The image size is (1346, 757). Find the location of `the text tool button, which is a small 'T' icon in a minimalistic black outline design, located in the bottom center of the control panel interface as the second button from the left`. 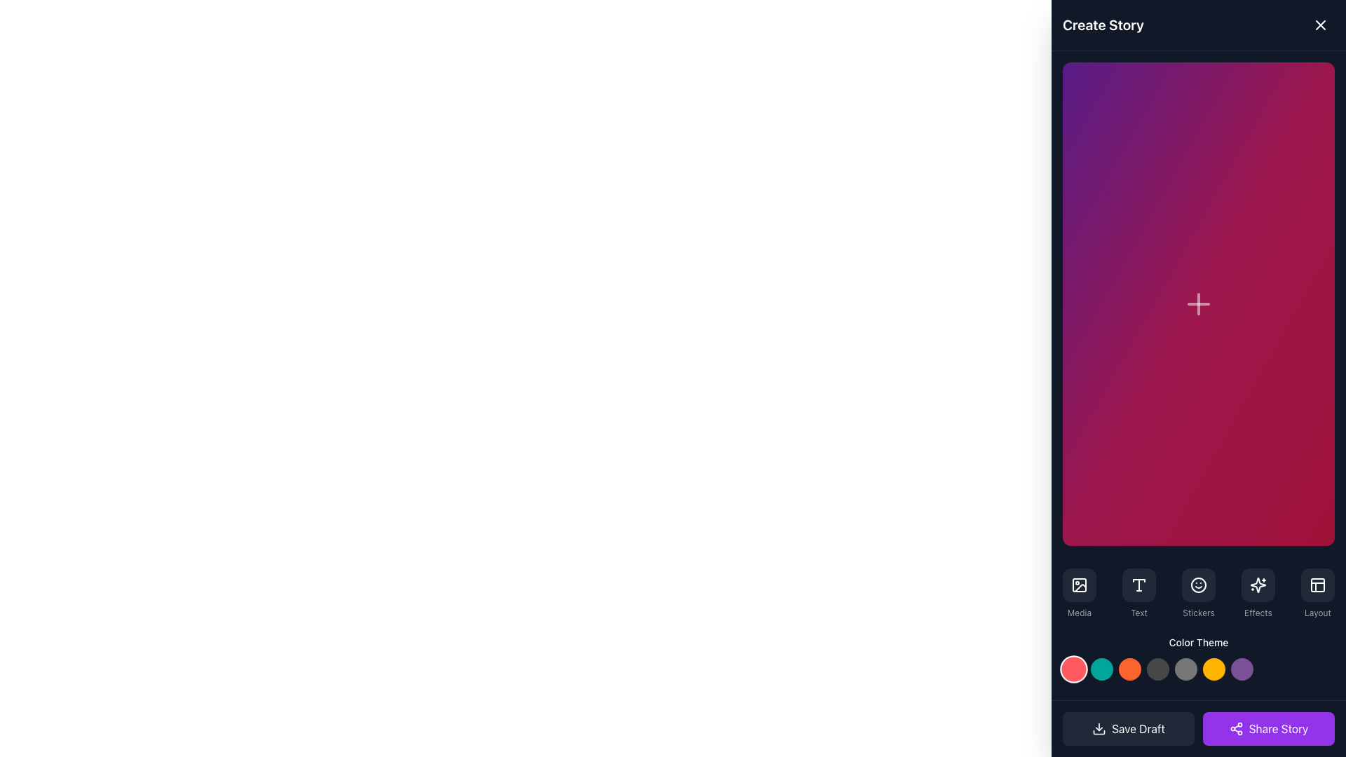

the text tool button, which is a small 'T' icon in a minimalistic black outline design, located in the bottom center of the control panel interface as the second button from the left is located at coordinates (1139, 584).